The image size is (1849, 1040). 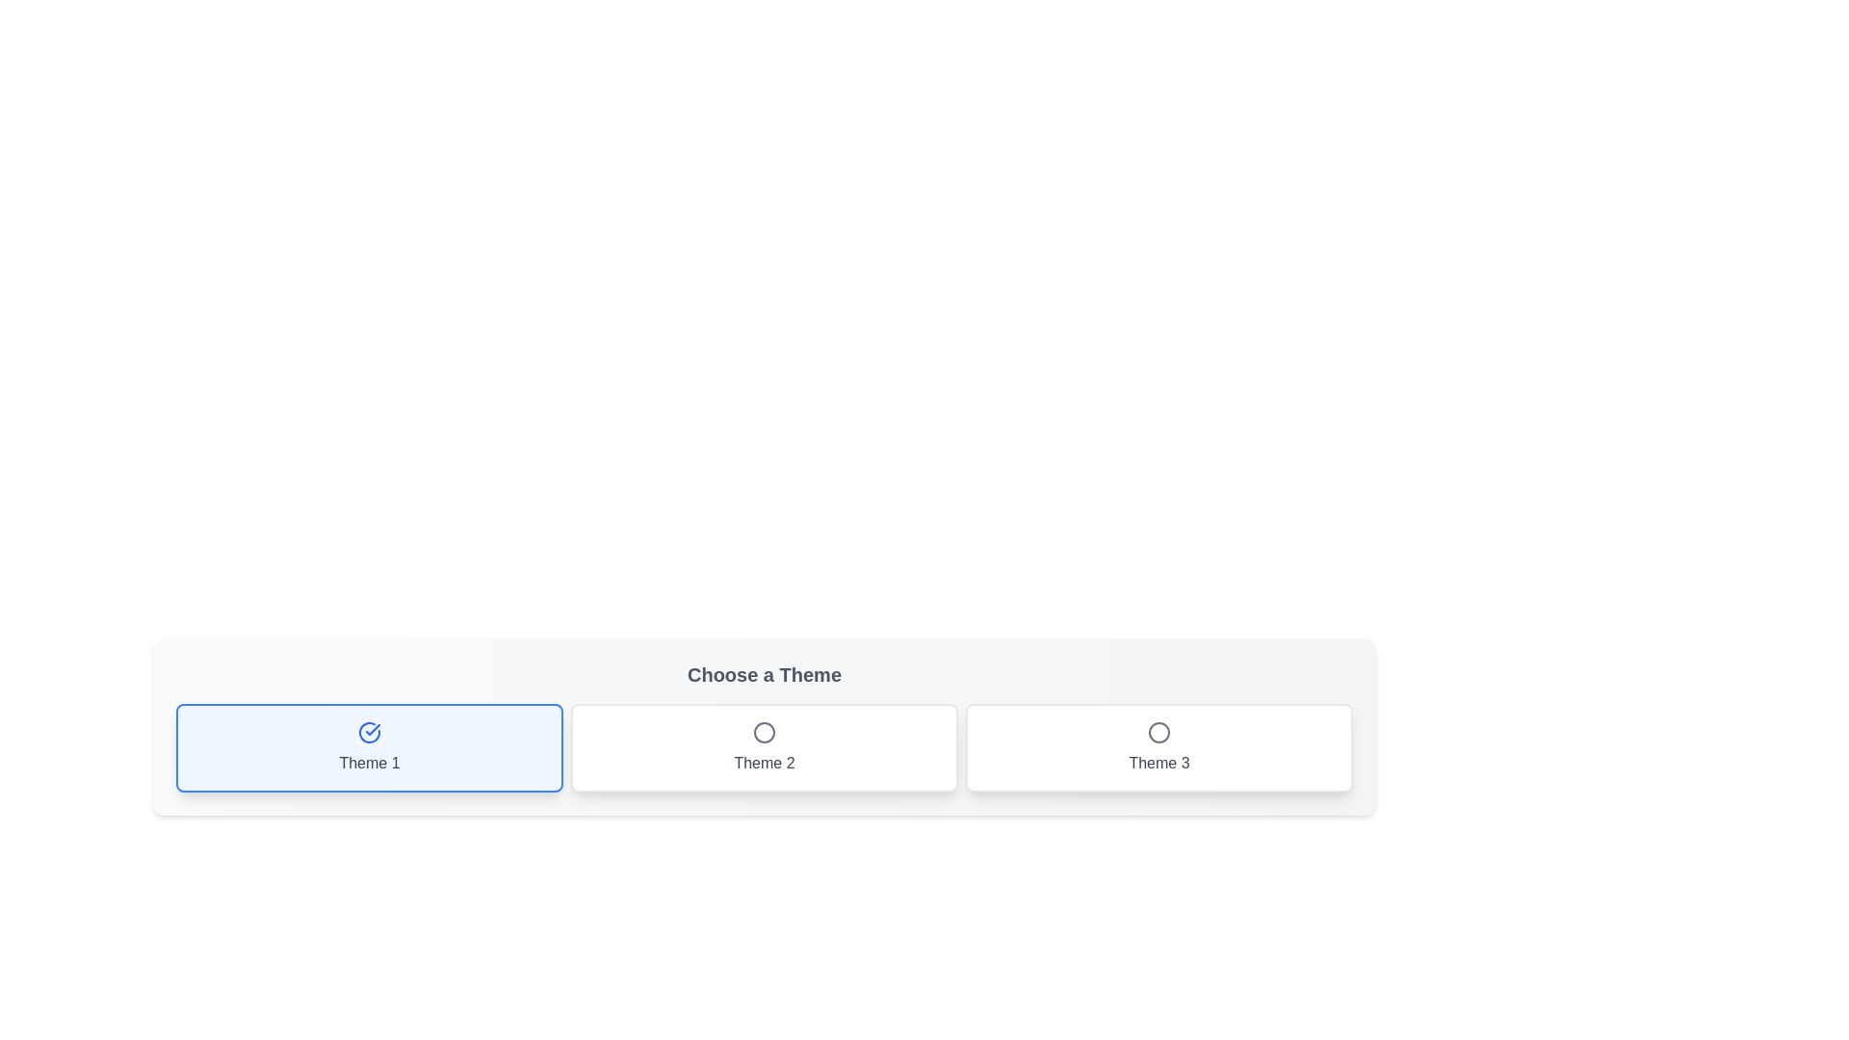 I want to click on the 'Theme 3' button located in the bottom right corner of the grid layout, so click(x=1159, y=746).